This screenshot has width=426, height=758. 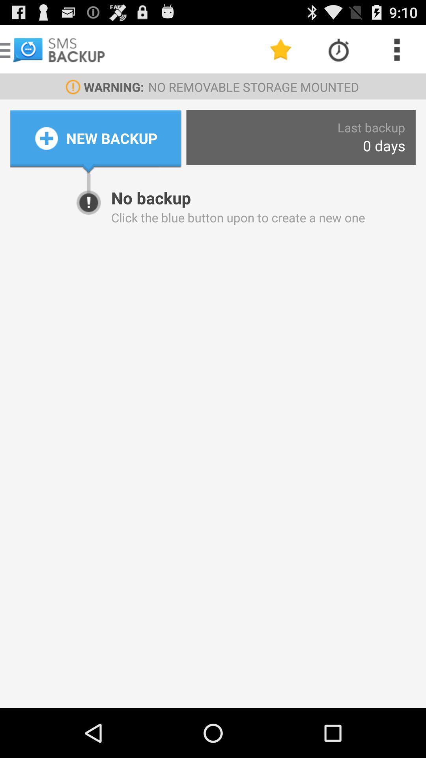 What do you see at coordinates (280, 49) in the screenshot?
I see `the app to the right of warning: item` at bounding box center [280, 49].